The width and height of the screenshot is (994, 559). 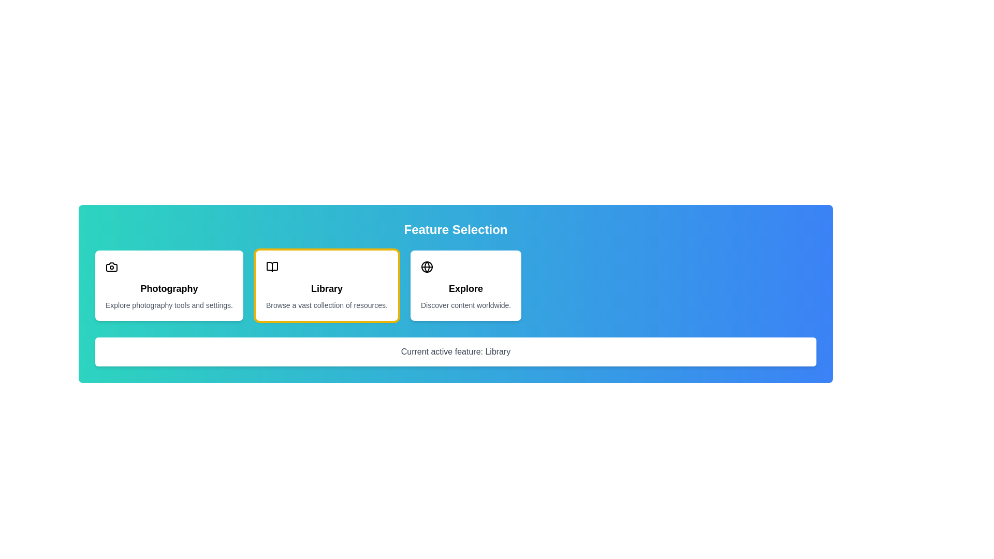 I want to click on the 'Photography' feature icon located at the top-left corner of the Photography card for visual recognition, so click(x=112, y=267).